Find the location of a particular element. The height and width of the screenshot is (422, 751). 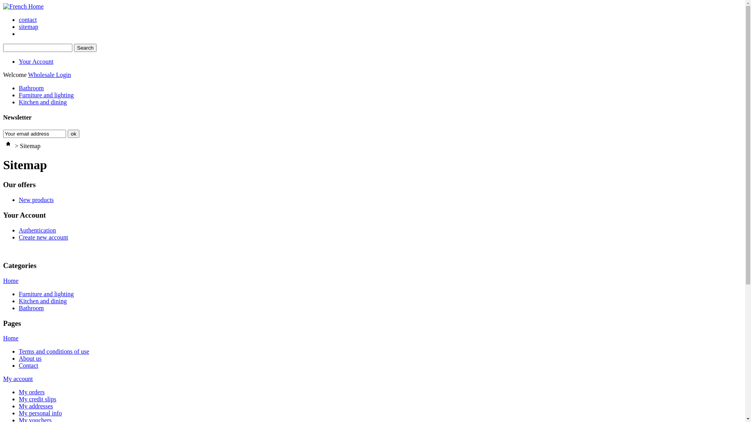

'New products' is located at coordinates (36, 199).